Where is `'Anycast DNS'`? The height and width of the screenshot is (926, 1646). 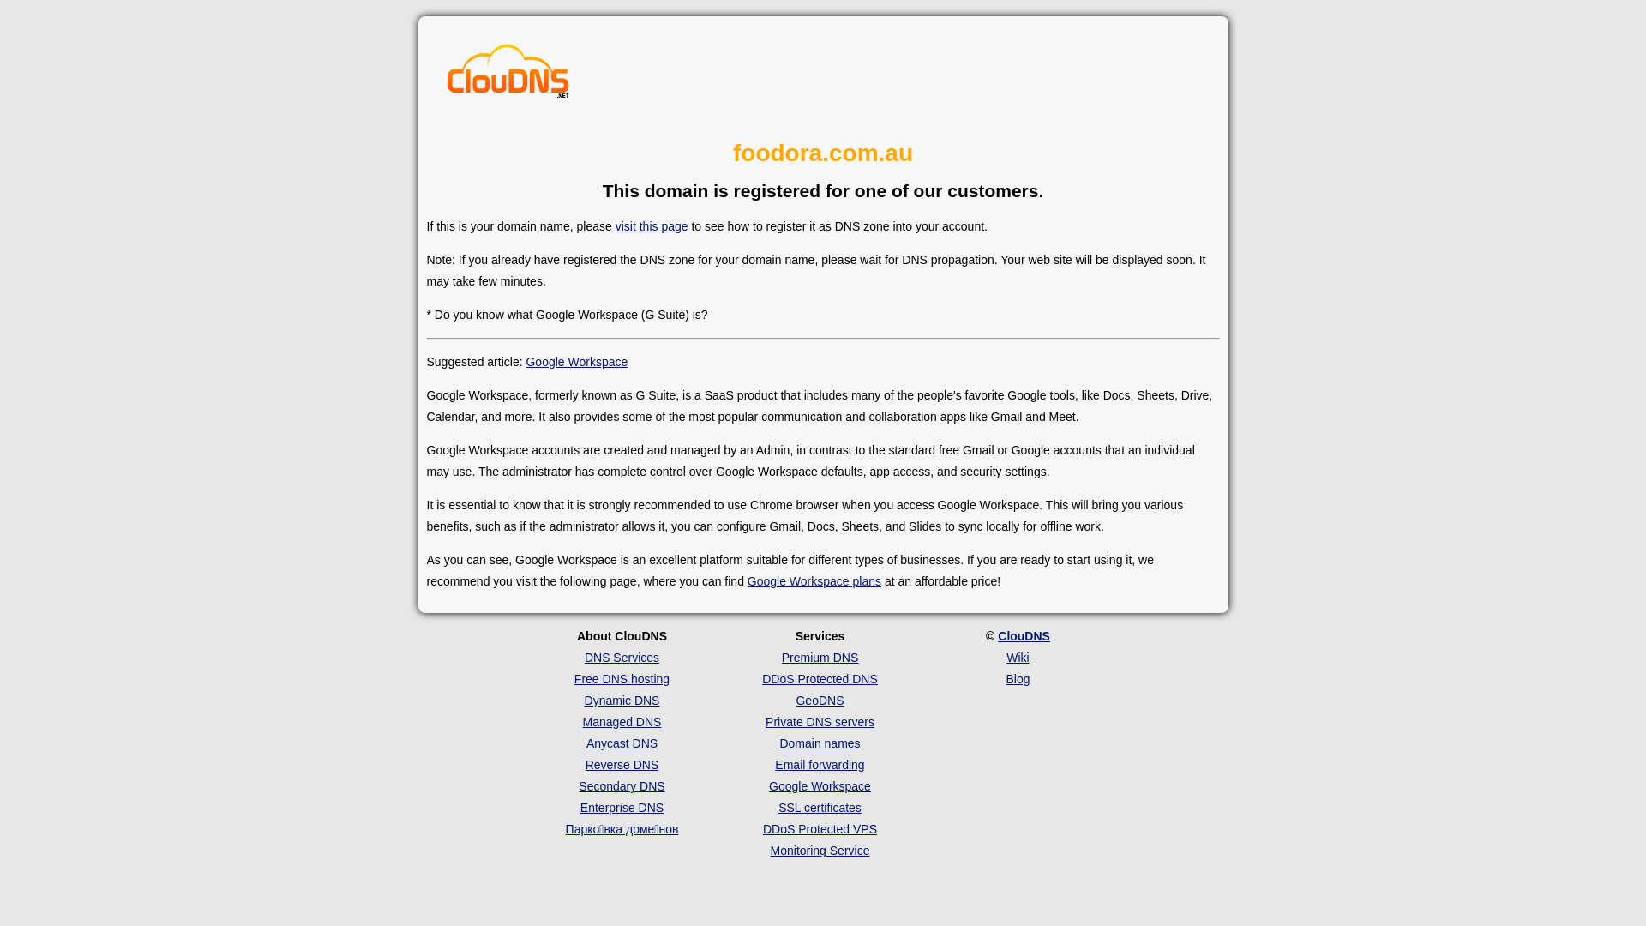 'Anycast DNS' is located at coordinates (621, 743).